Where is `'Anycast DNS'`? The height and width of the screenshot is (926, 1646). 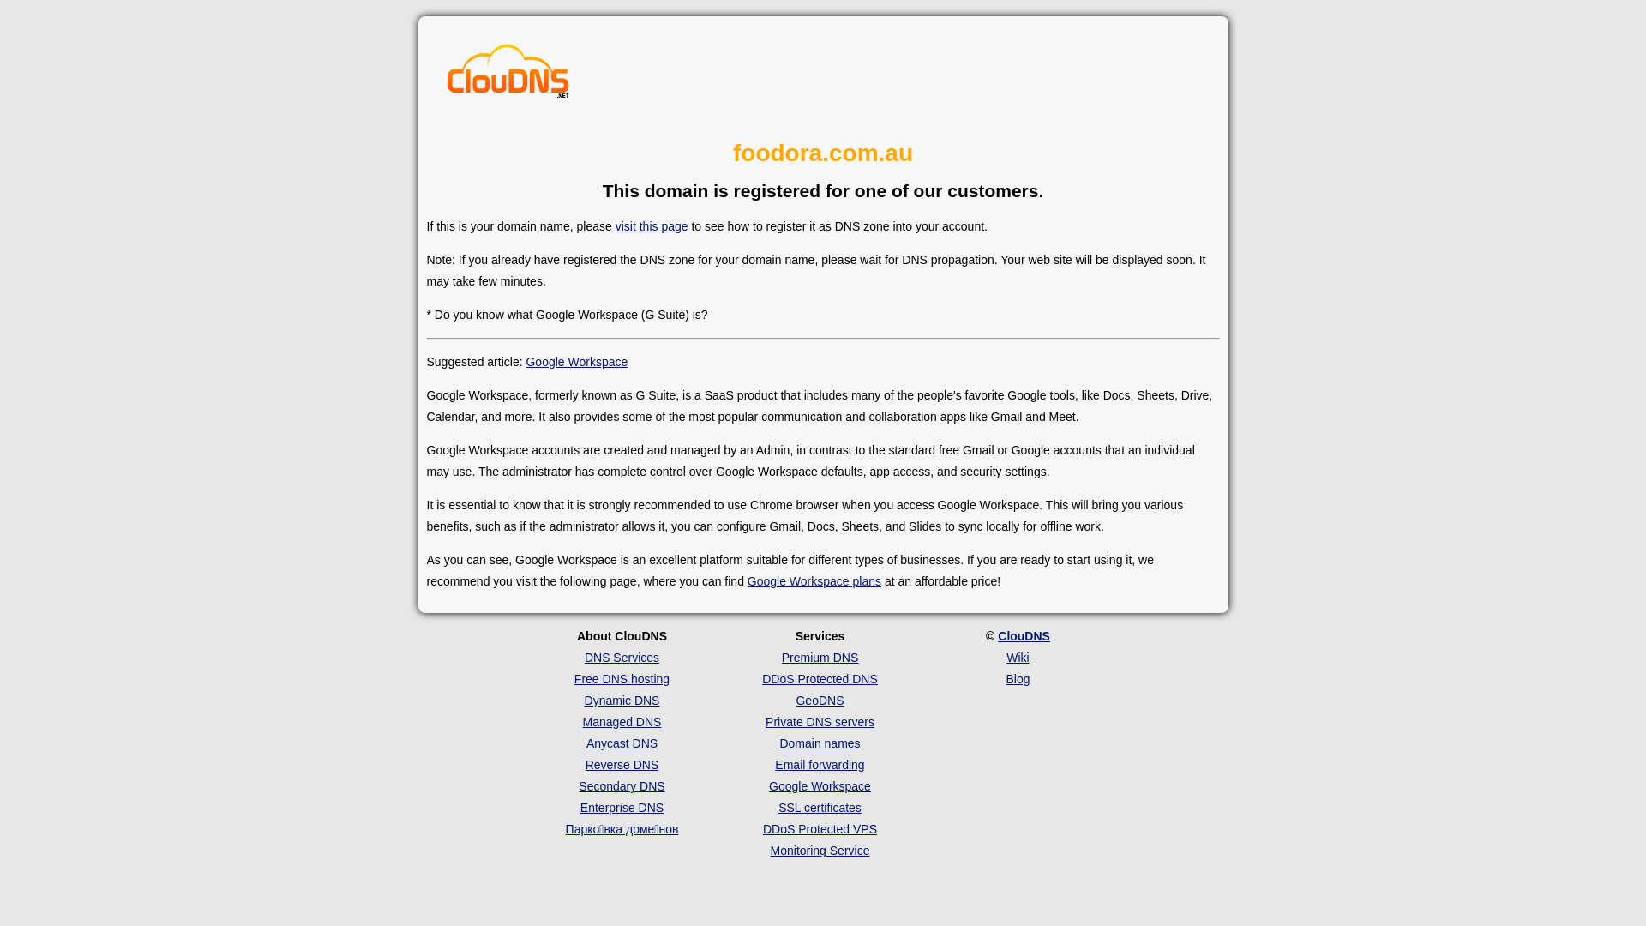 'Anycast DNS' is located at coordinates (621, 743).